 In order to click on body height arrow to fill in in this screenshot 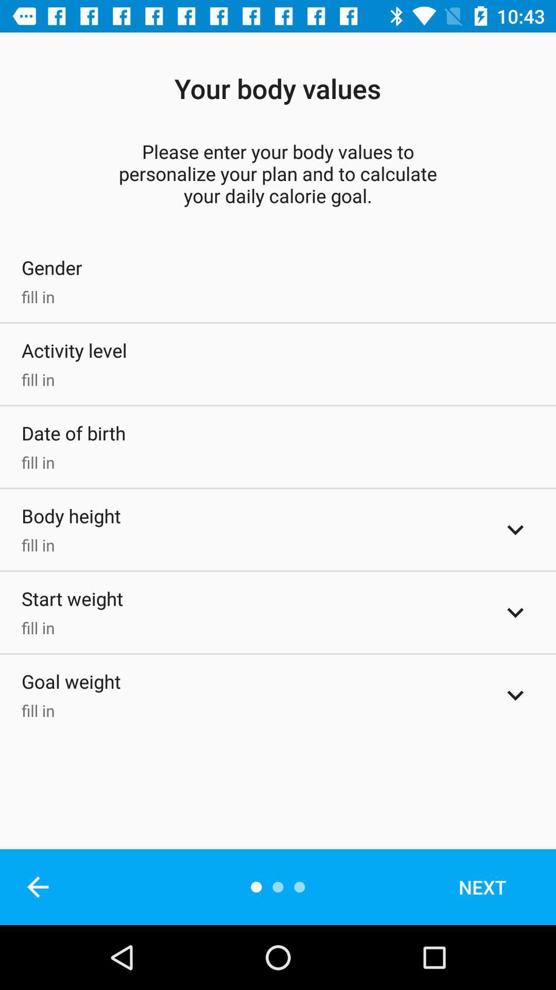, I will do `click(515, 530)`.